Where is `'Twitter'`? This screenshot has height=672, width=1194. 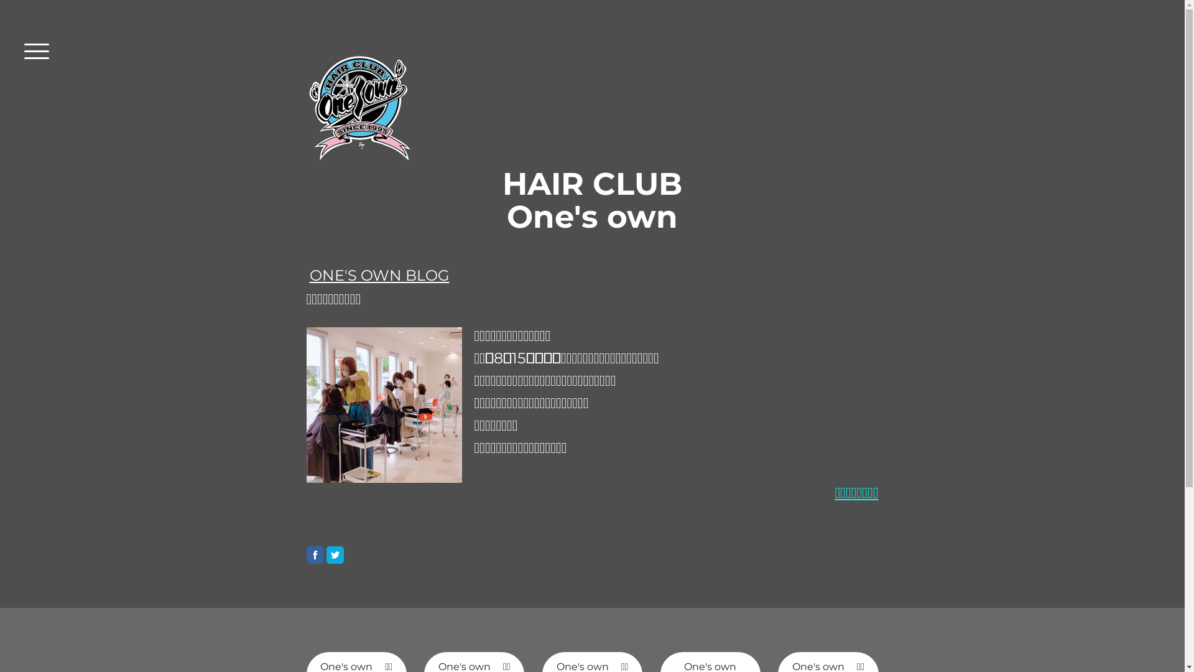
'Twitter' is located at coordinates (334, 554).